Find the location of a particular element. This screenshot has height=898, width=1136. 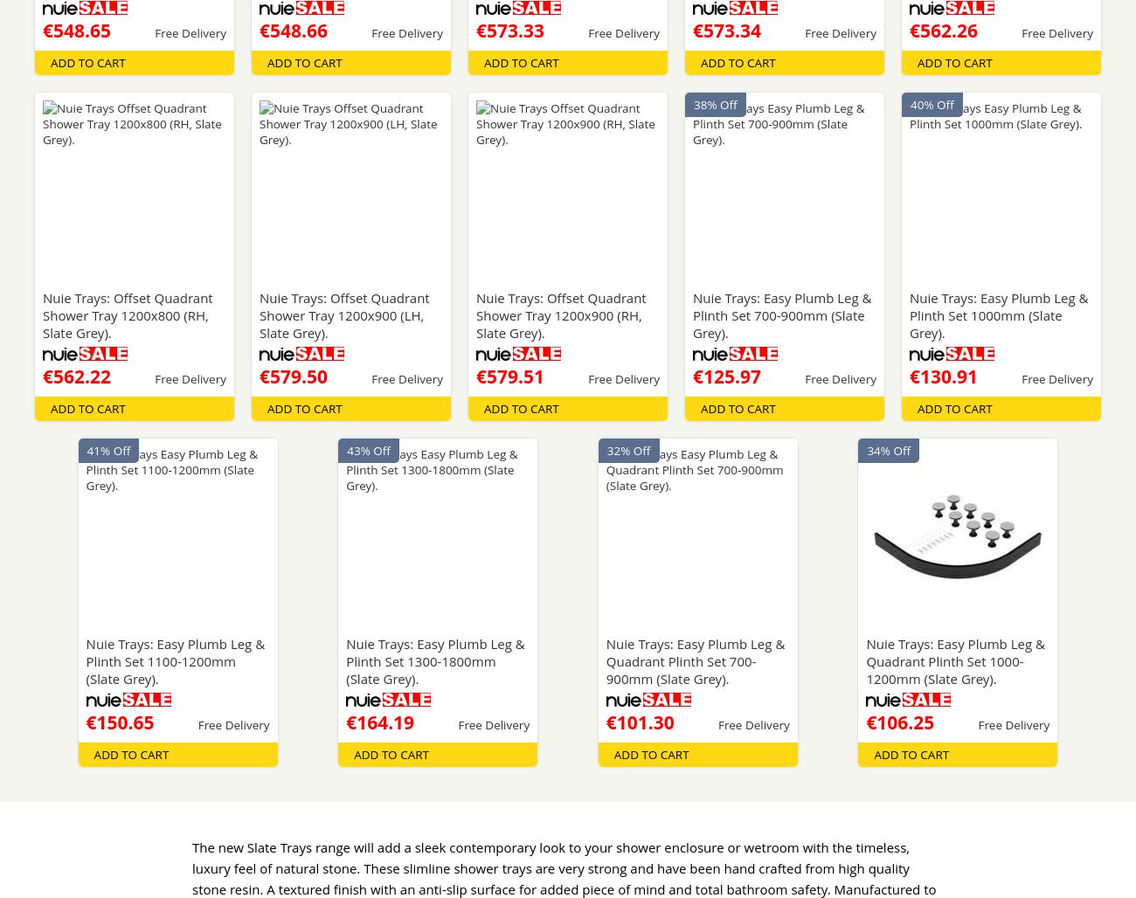

'€101.30' is located at coordinates (640, 722).